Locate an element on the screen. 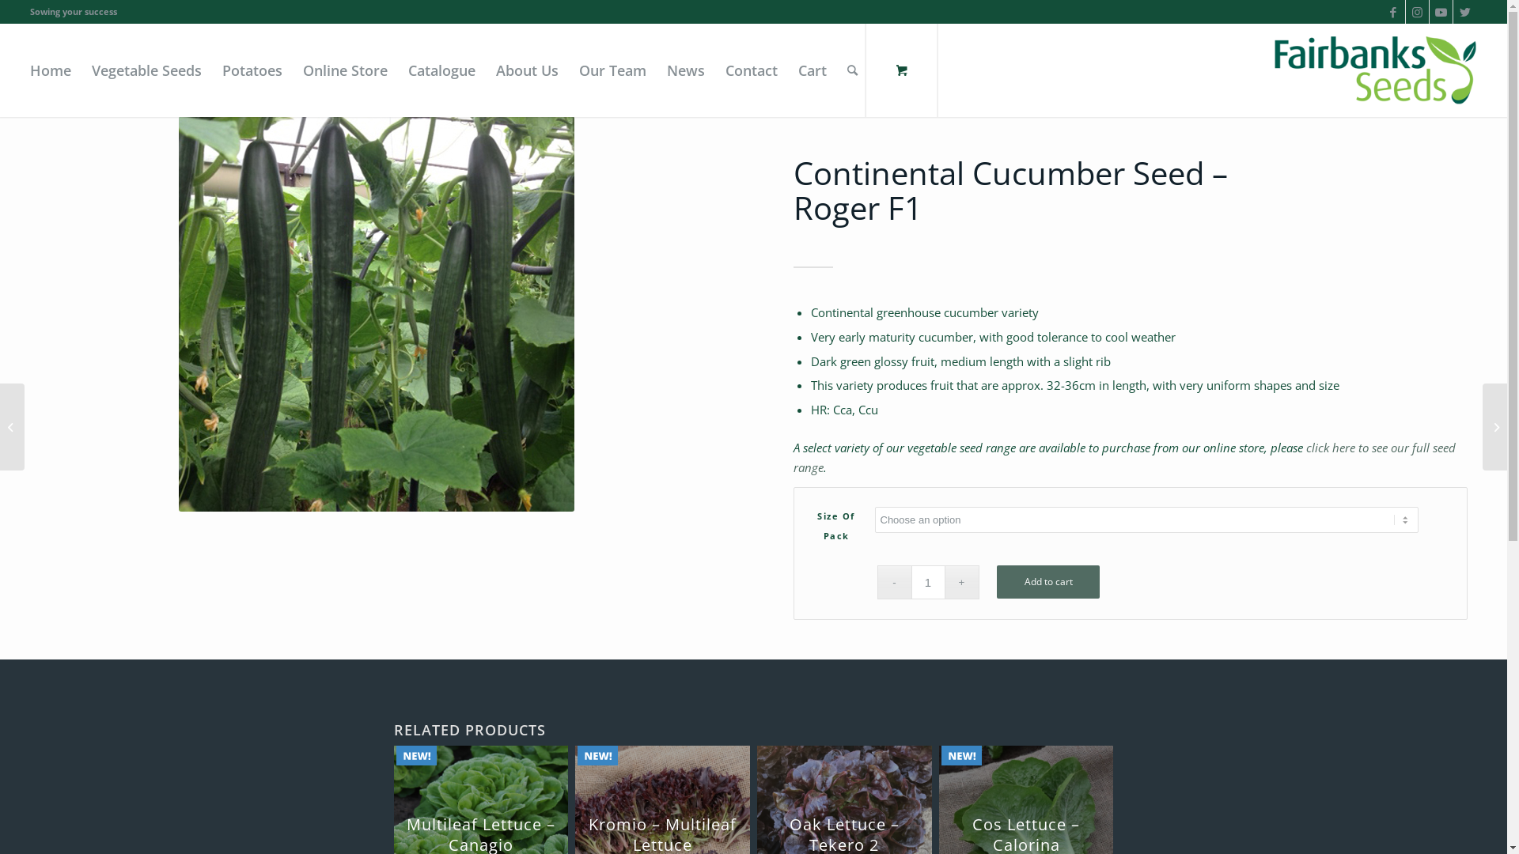 The width and height of the screenshot is (1519, 854). 'Add to cart' is located at coordinates (995, 581).